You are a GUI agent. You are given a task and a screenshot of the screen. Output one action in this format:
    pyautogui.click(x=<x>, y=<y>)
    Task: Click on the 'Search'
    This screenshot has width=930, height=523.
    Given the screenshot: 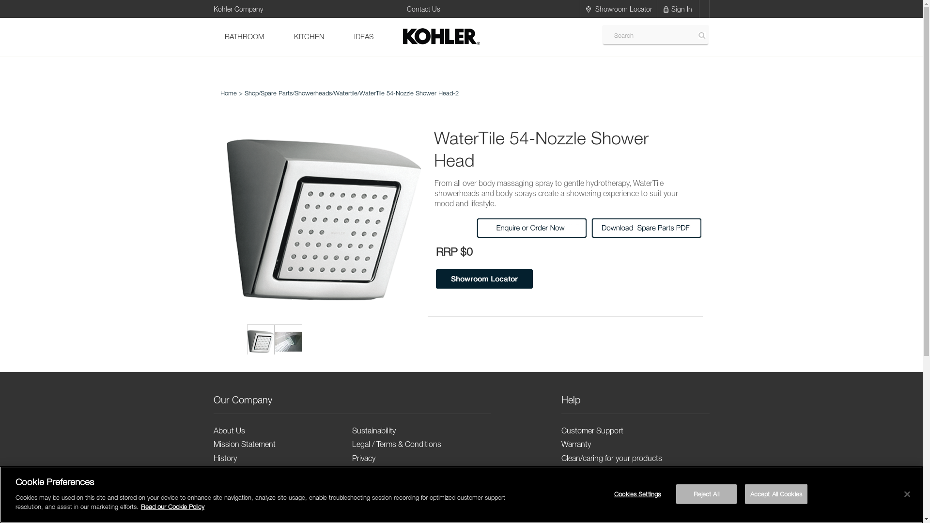 What is the action you would take?
    pyautogui.click(x=702, y=35)
    